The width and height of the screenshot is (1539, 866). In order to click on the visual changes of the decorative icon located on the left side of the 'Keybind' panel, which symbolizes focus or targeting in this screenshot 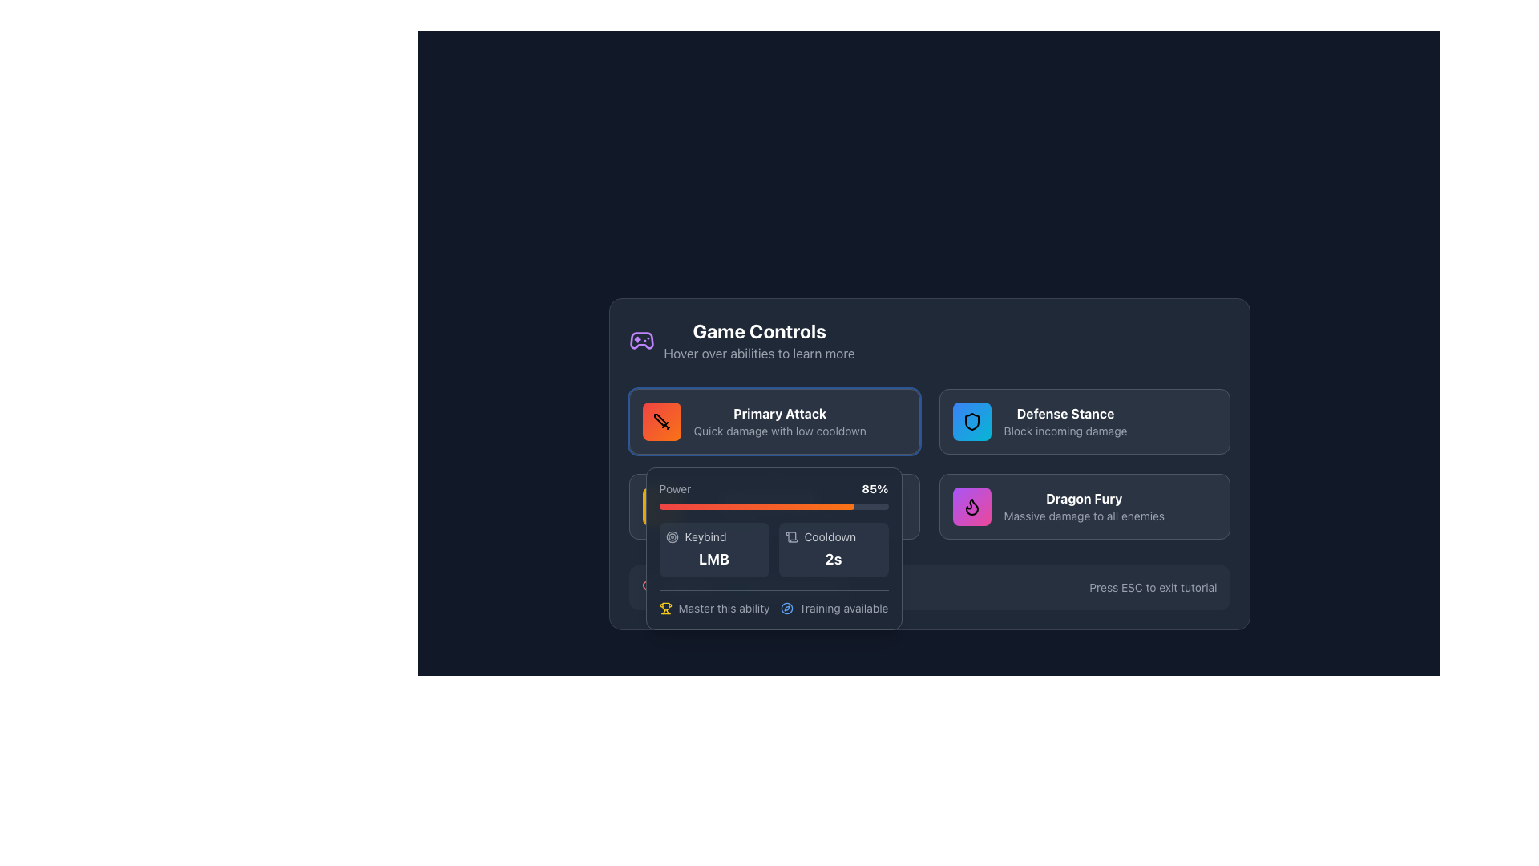, I will do `click(673, 537)`.